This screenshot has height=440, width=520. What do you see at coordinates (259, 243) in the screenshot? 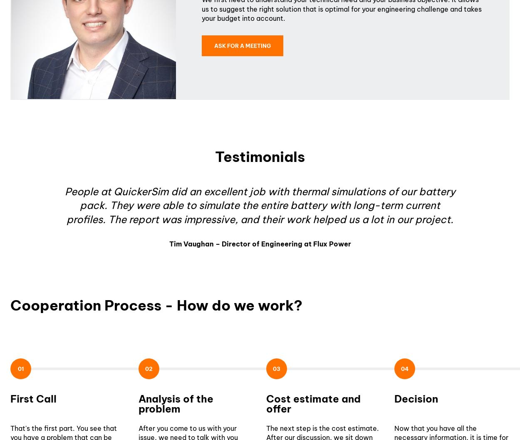
I see `'Tim Vaughan – Director of Engineering at Flux Power'` at bounding box center [259, 243].